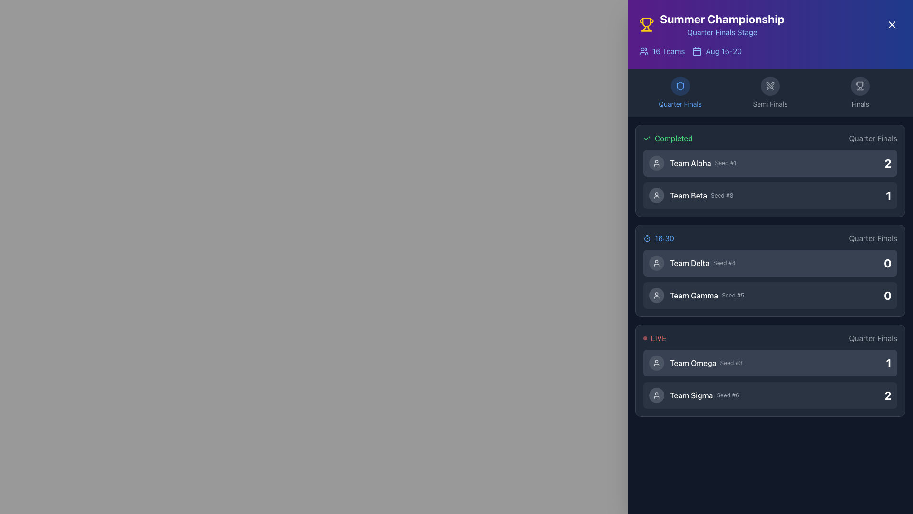 The height and width of the screenshot is (514, 913). What do you see at coordinates (731, 363) in the screenshot?
I see `the text label displaying 'Seed #3' in a small, gray-colored font, located to the right of 'Team Omega' in the 'LIVE' section of the 'Quarter Finals' panel` at bounding box center [731, 363].